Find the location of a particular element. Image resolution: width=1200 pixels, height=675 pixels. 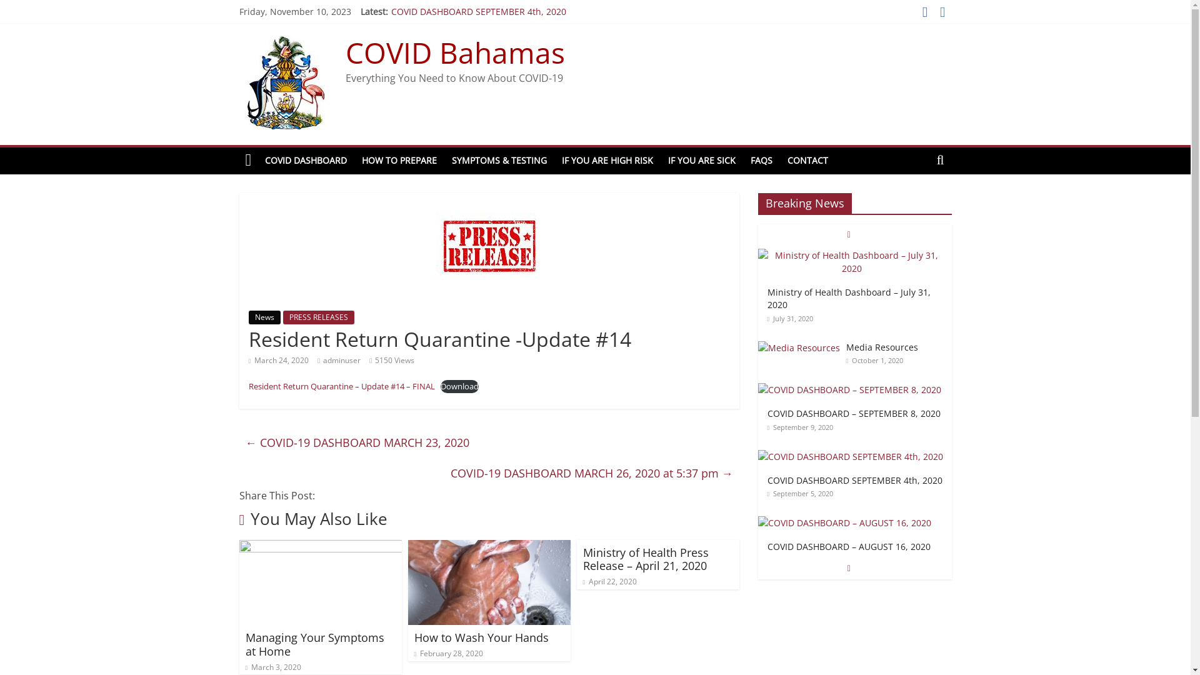

'HOW TO PREPARE' is located at coordinates (398, 160).